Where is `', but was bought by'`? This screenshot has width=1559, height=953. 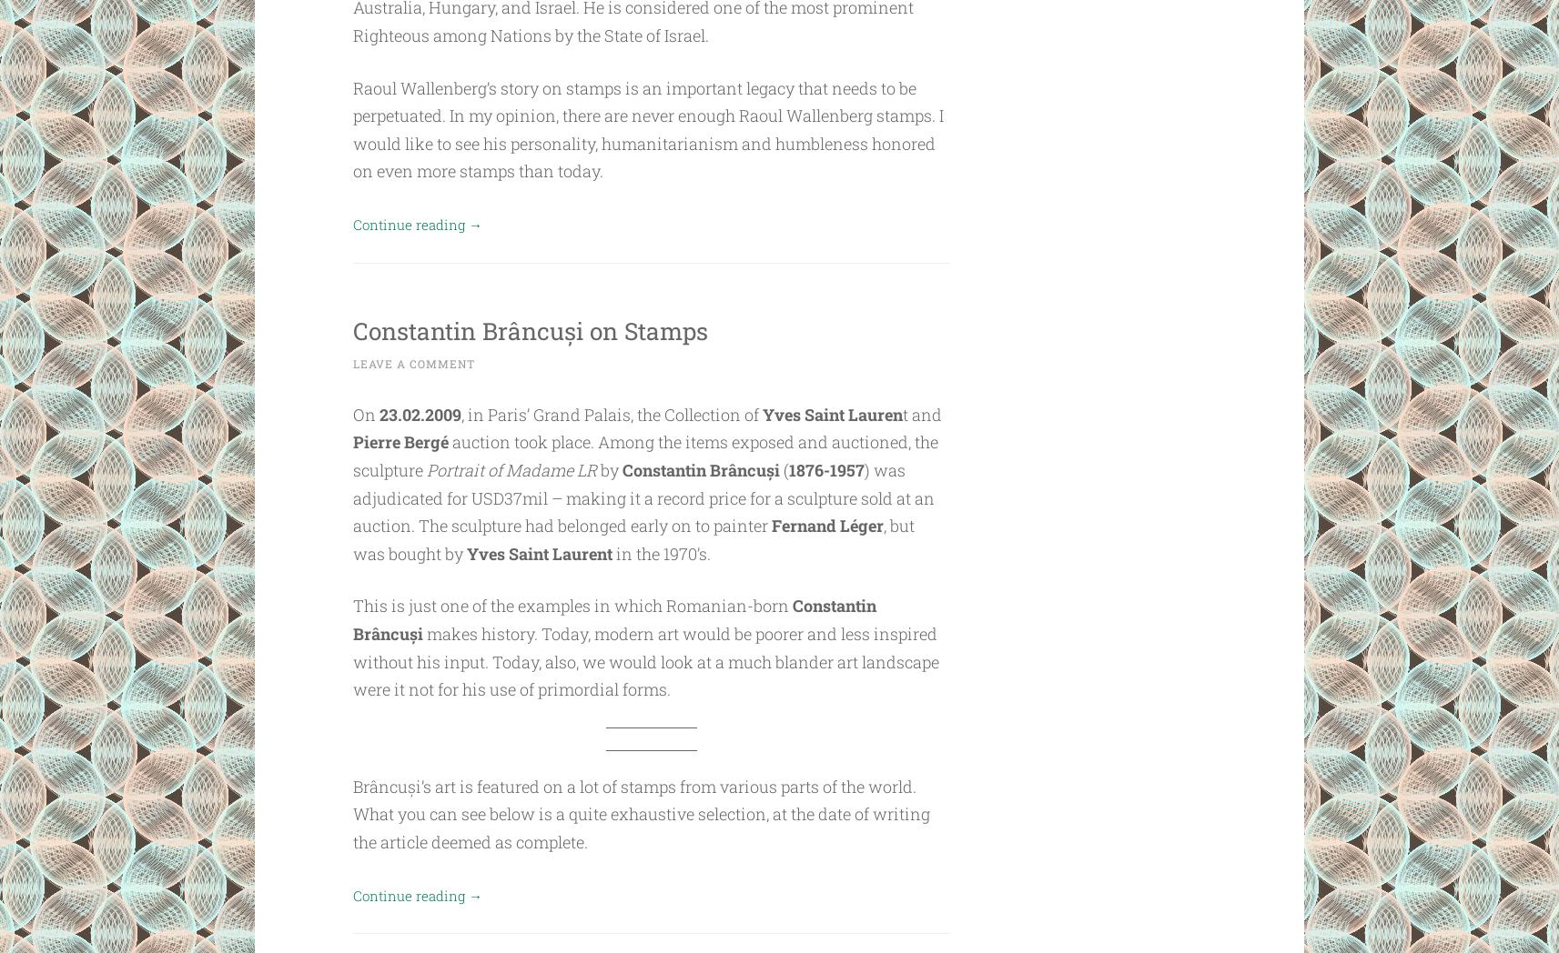 ', but was bought by' is located at coordinates (351, 538).